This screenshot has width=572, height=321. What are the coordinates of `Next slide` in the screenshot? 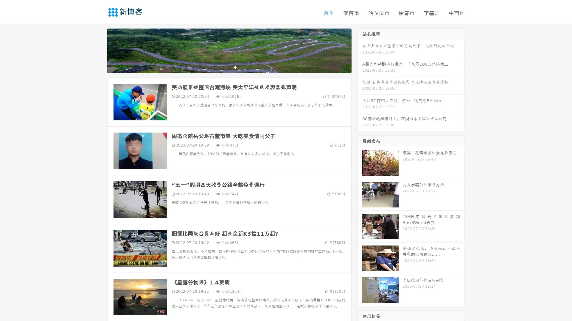 It's located at (360, 50).